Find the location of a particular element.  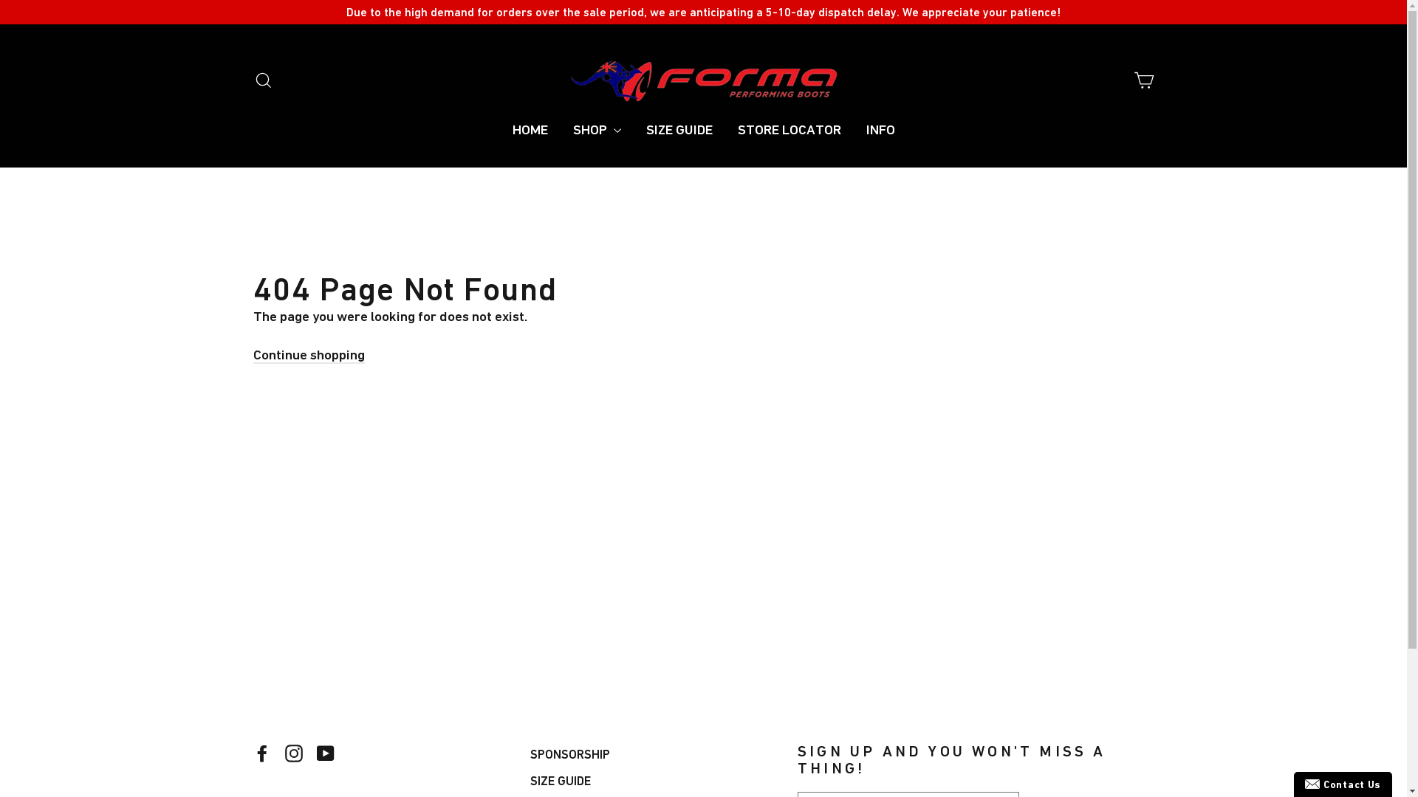

'INFO' is located at coordinates (880, 129).